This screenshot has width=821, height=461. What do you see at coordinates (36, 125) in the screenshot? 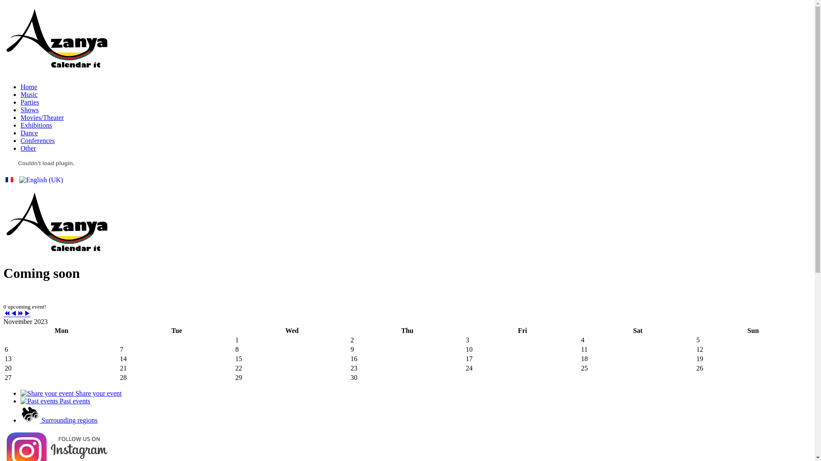
I see `'Exhibitions'` at bounding box center [36, 125].